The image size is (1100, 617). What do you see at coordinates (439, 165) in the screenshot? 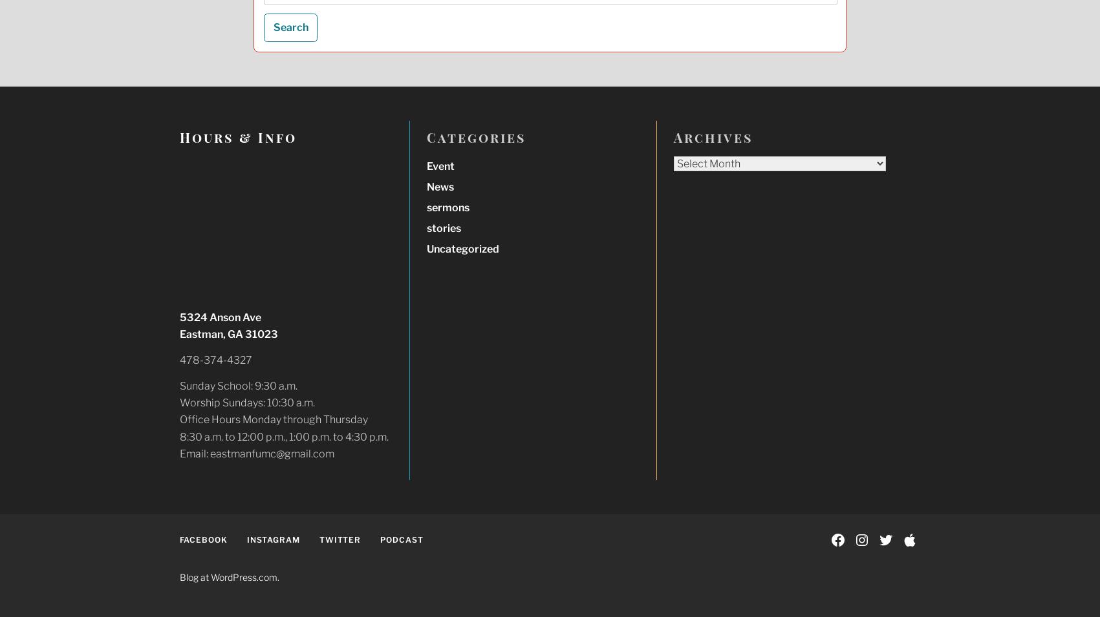
I see `'Event'` at bounding box center [439, 165].